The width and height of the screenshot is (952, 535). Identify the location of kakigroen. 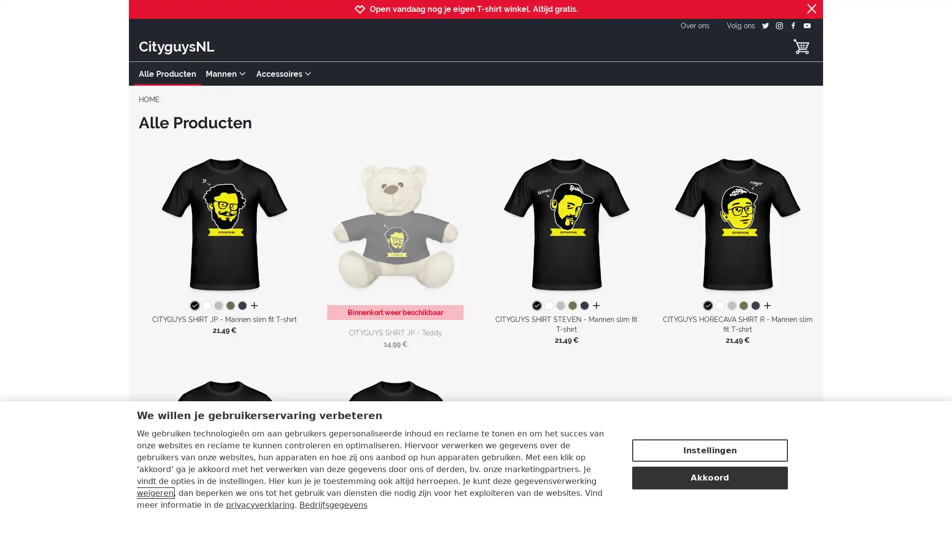
(230, 306).